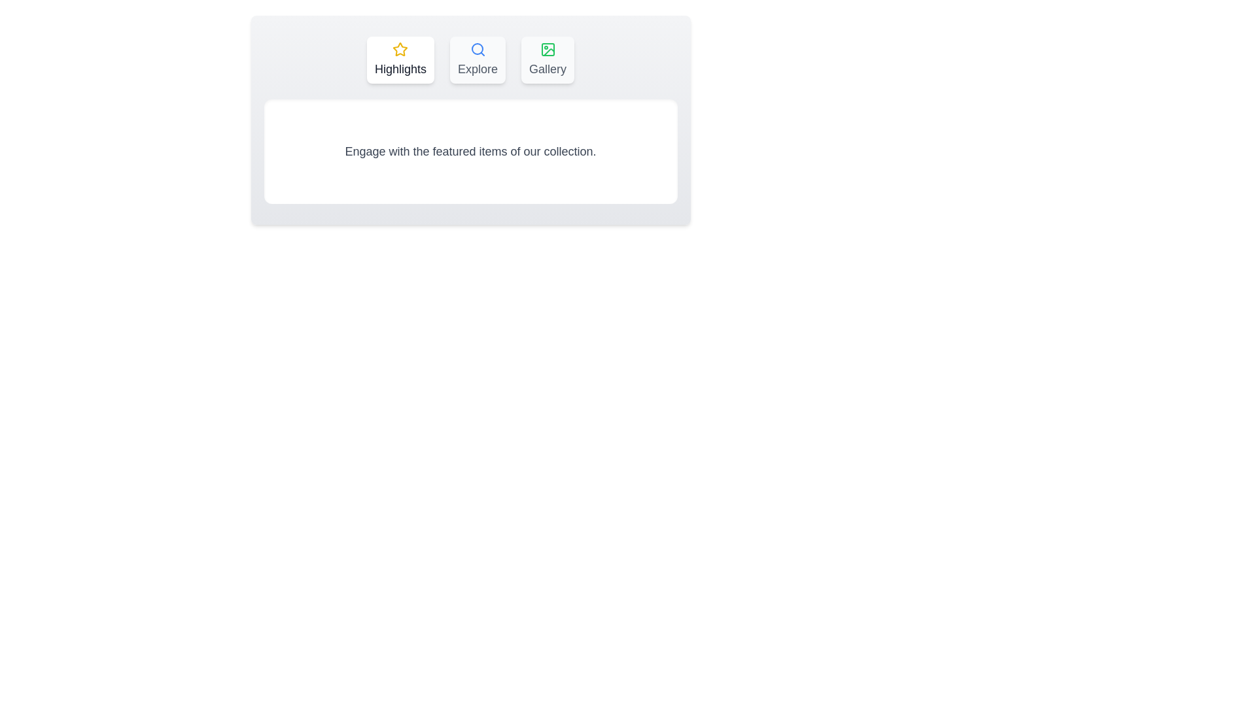 This screenshot has width=1256, height=706. What do you see at coordinates (548, 60) in the screenshot?
I see `the tab Gallery to inspect its visual icon` at bounding box center [548, 60].